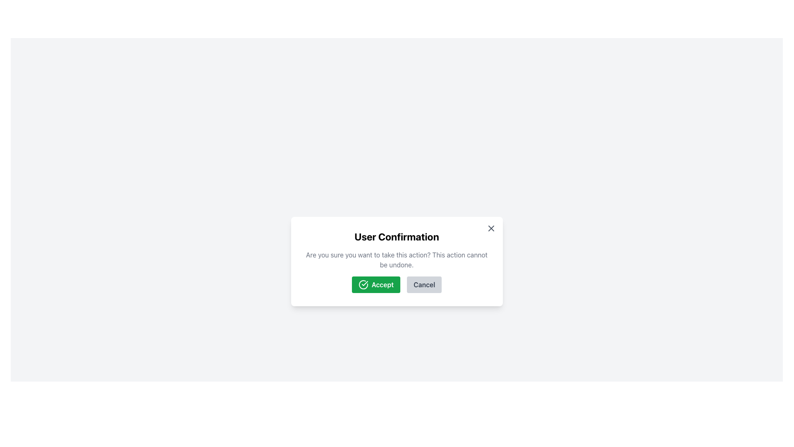 Image resolution: width=794 pixels, height=447 pixels. What do you see at coordinates (364, 283) in the screenshot?
I see `the checkmark symbol within the green circular icon of the 'Accept' button in the modal dialog` at bounding box center [364, 283].